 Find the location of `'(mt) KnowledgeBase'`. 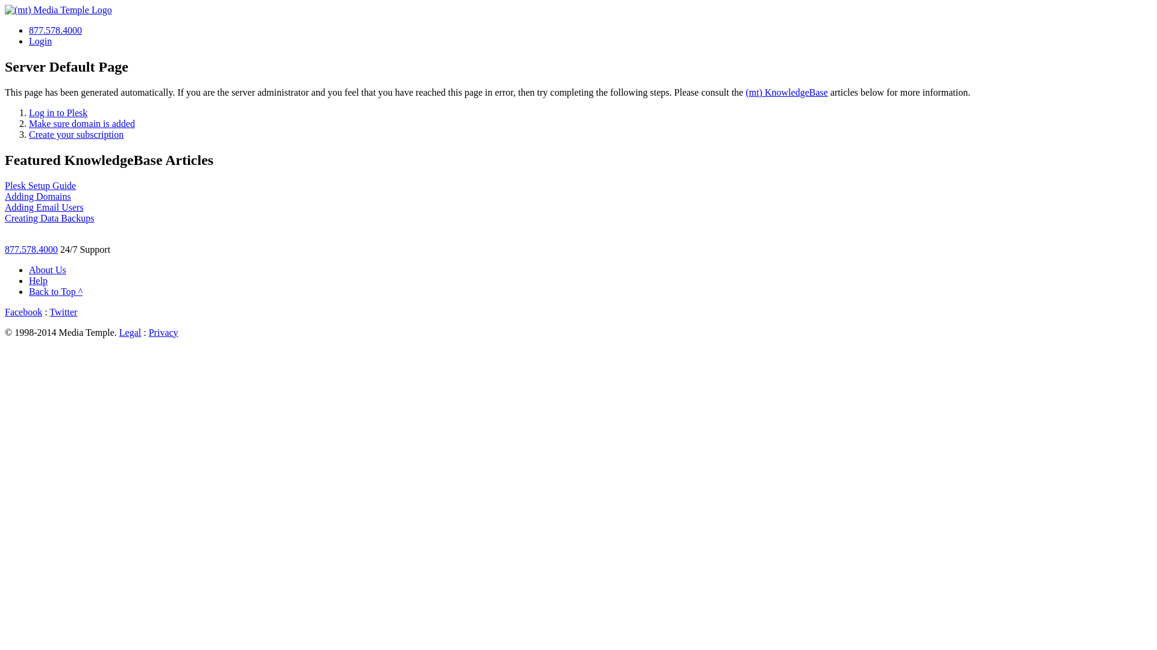

'(mt) KnowledgeBase' is located at coordinates (745, 91).